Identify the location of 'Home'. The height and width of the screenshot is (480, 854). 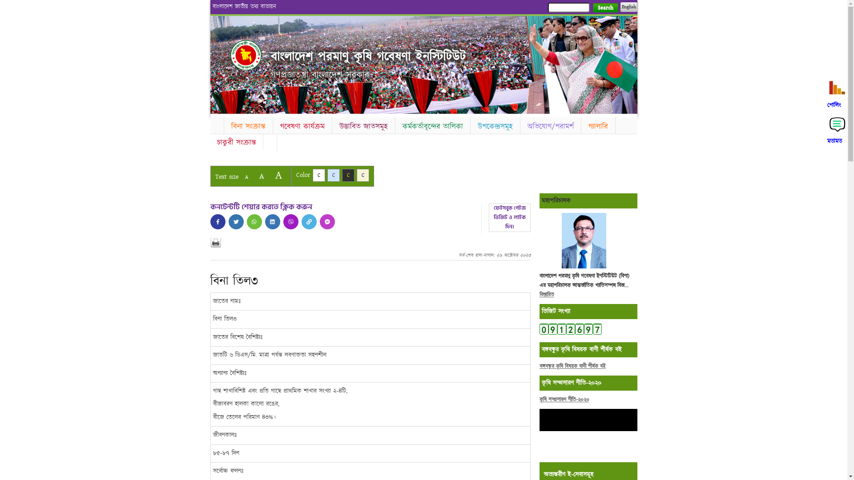
(246, 55).